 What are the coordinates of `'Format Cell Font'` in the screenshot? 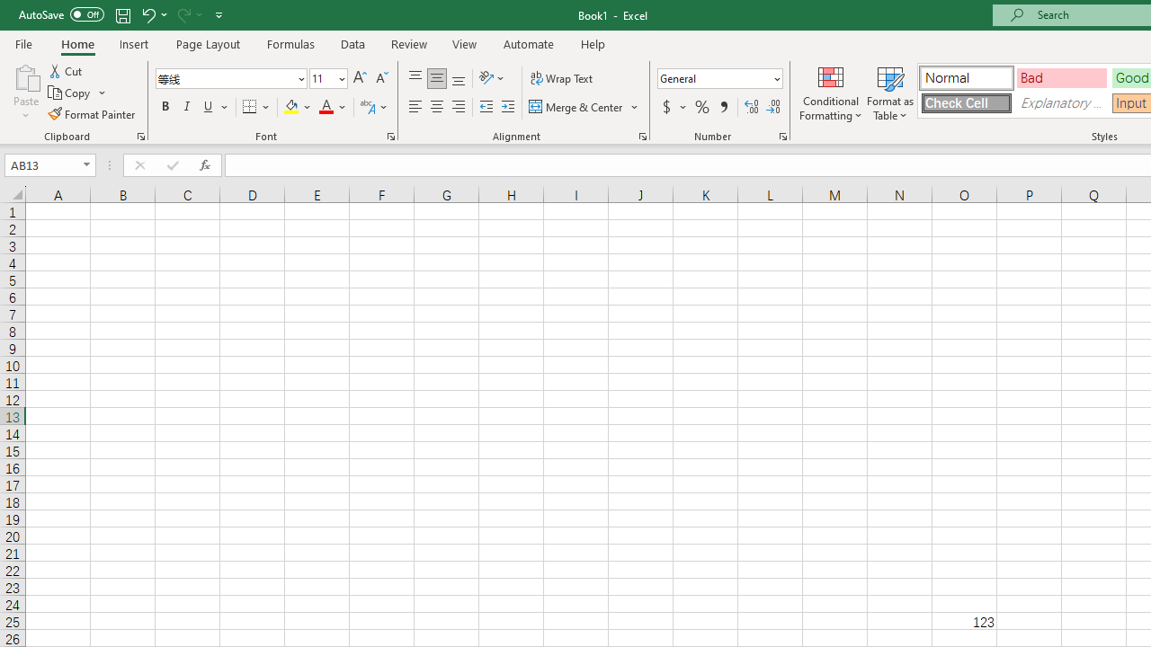 It's located at (390, 135).